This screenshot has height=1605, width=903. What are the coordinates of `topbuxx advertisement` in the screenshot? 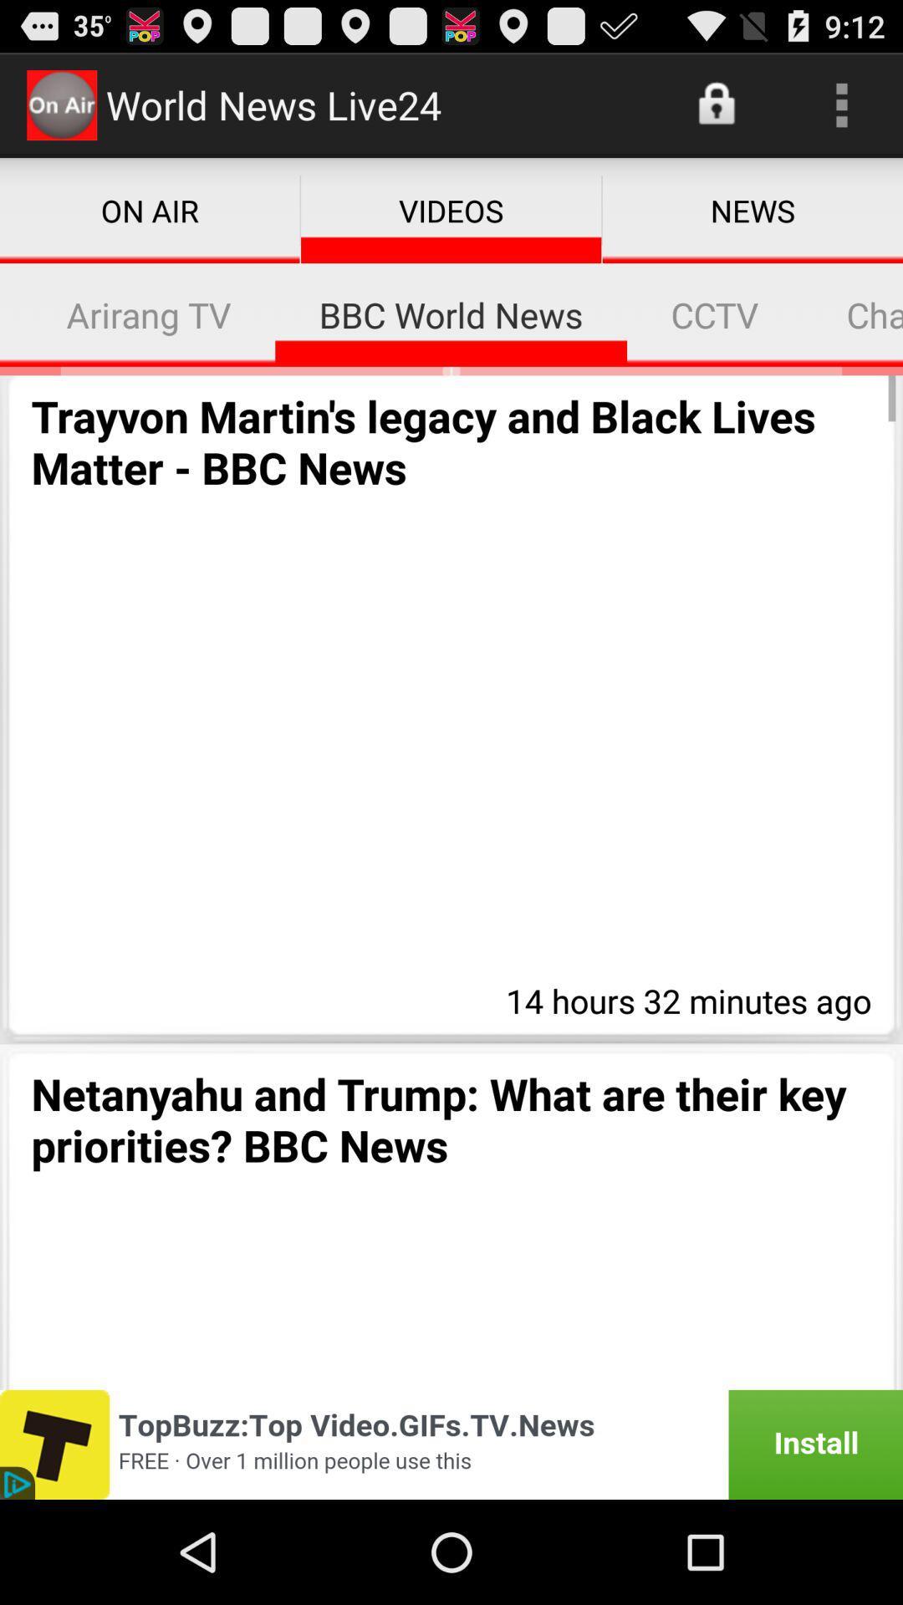 It's located at (451, 1444).